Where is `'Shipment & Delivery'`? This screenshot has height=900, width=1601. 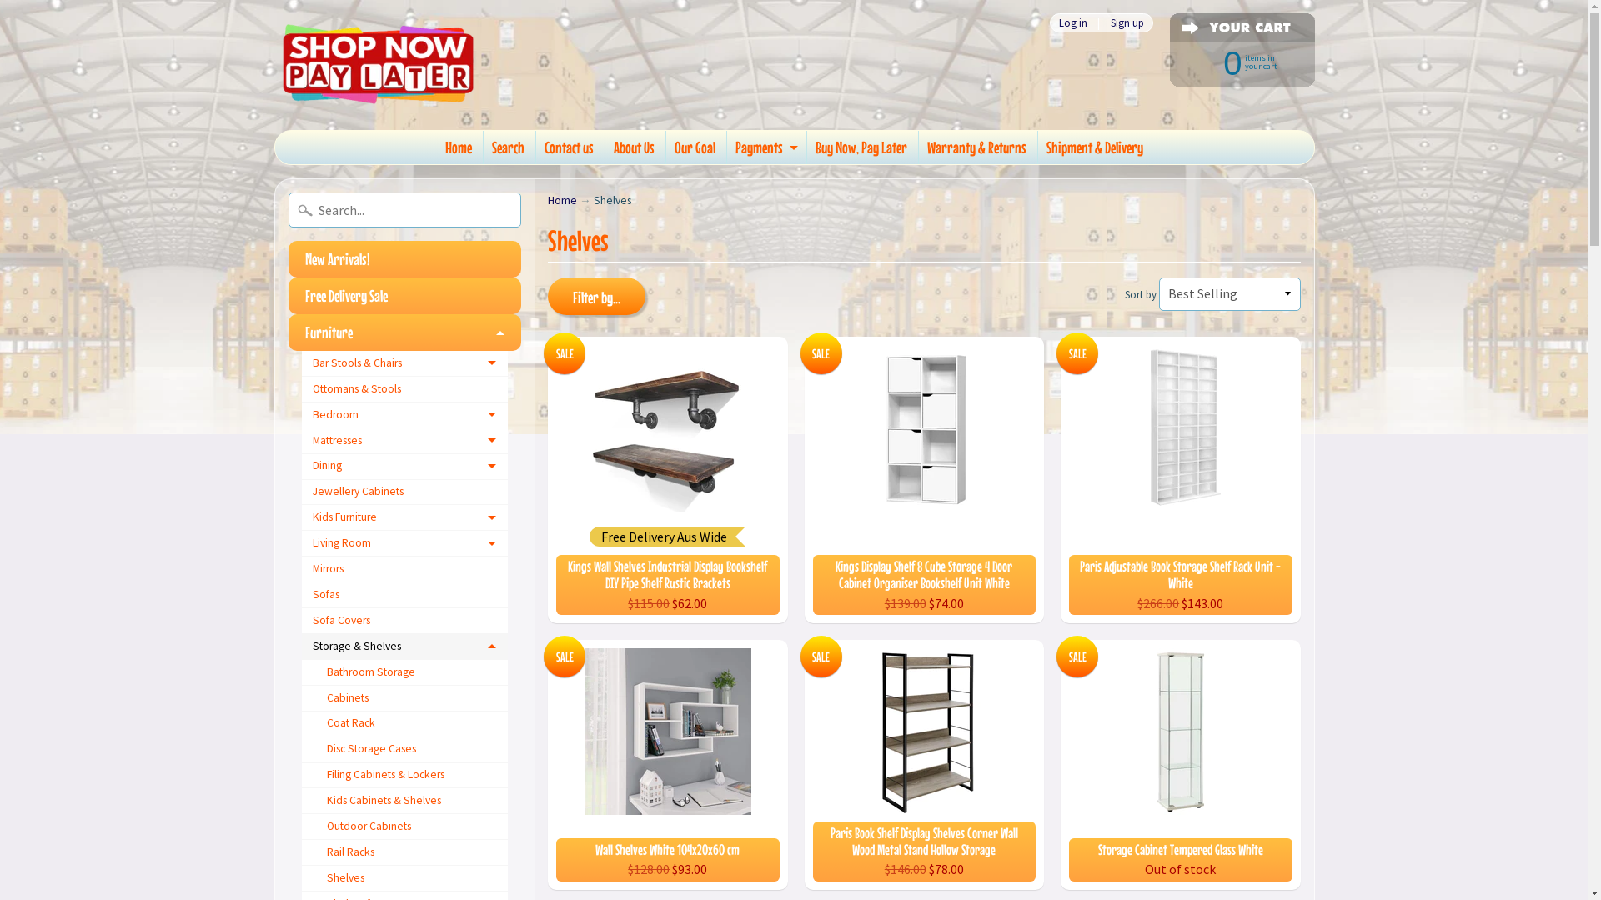 'Shipment & Delivery' is located at coordinates (1095, 147).